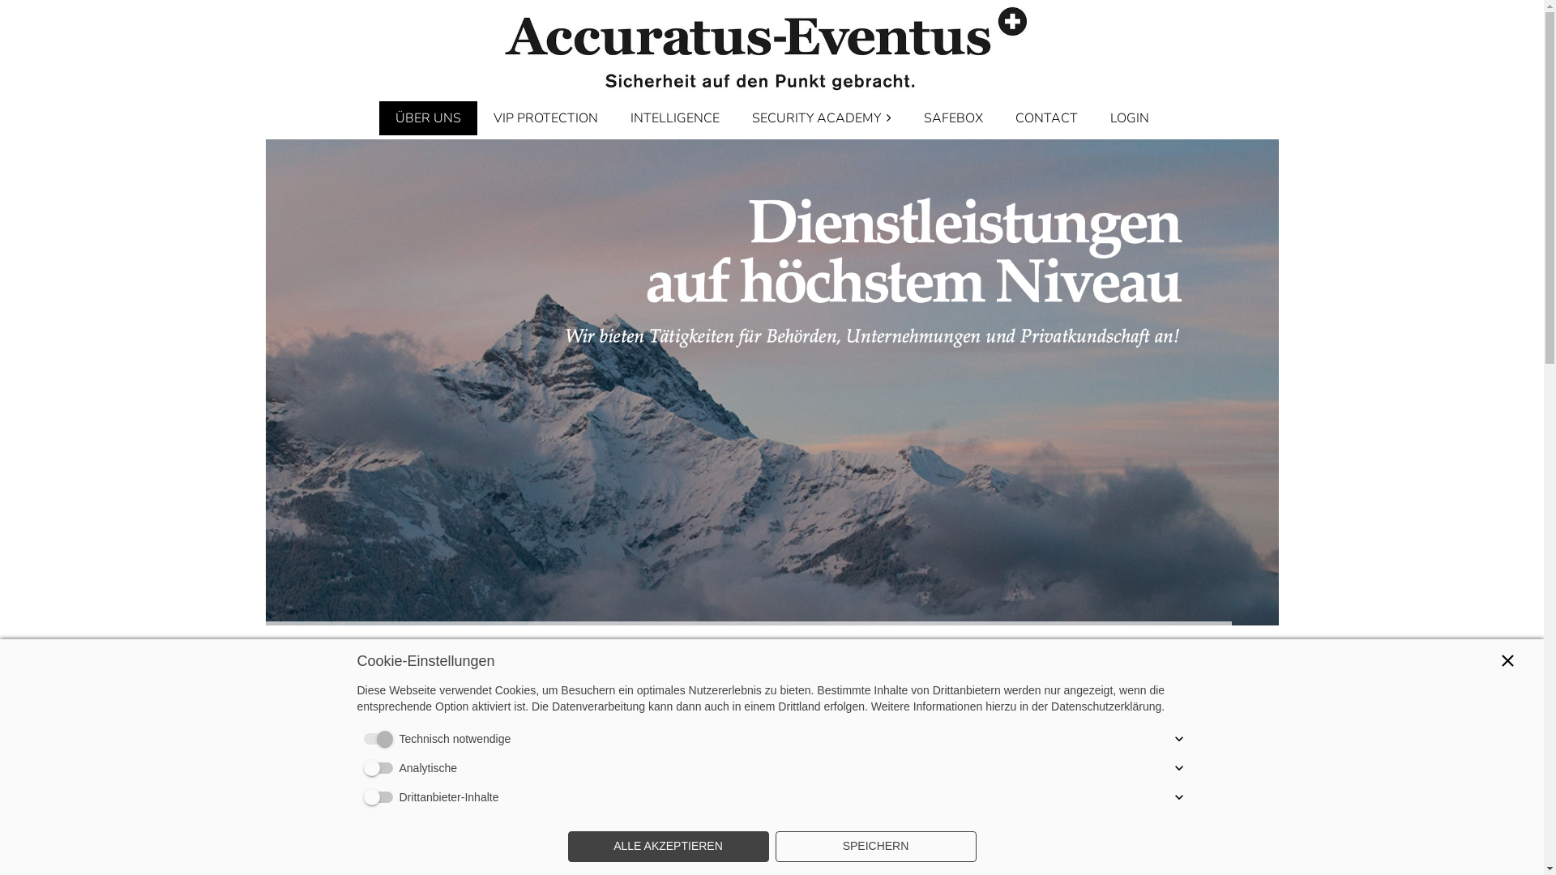  Describe the element at coordinates (906, 117) in the screenshot. I see `'SAFEBOX'` at that location.